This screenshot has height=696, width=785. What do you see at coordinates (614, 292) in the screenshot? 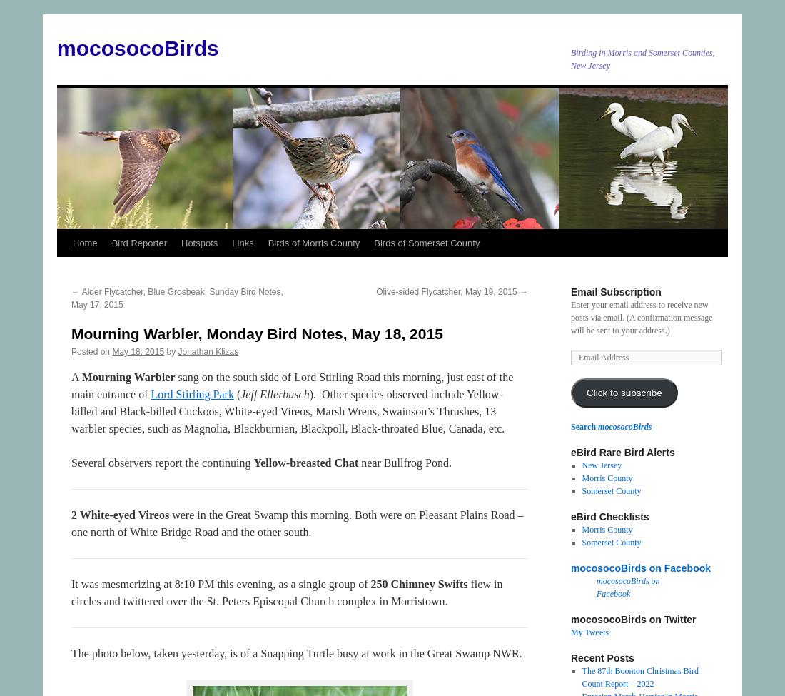
I see `'Email Subscription'` at bounding box center [614, 292].